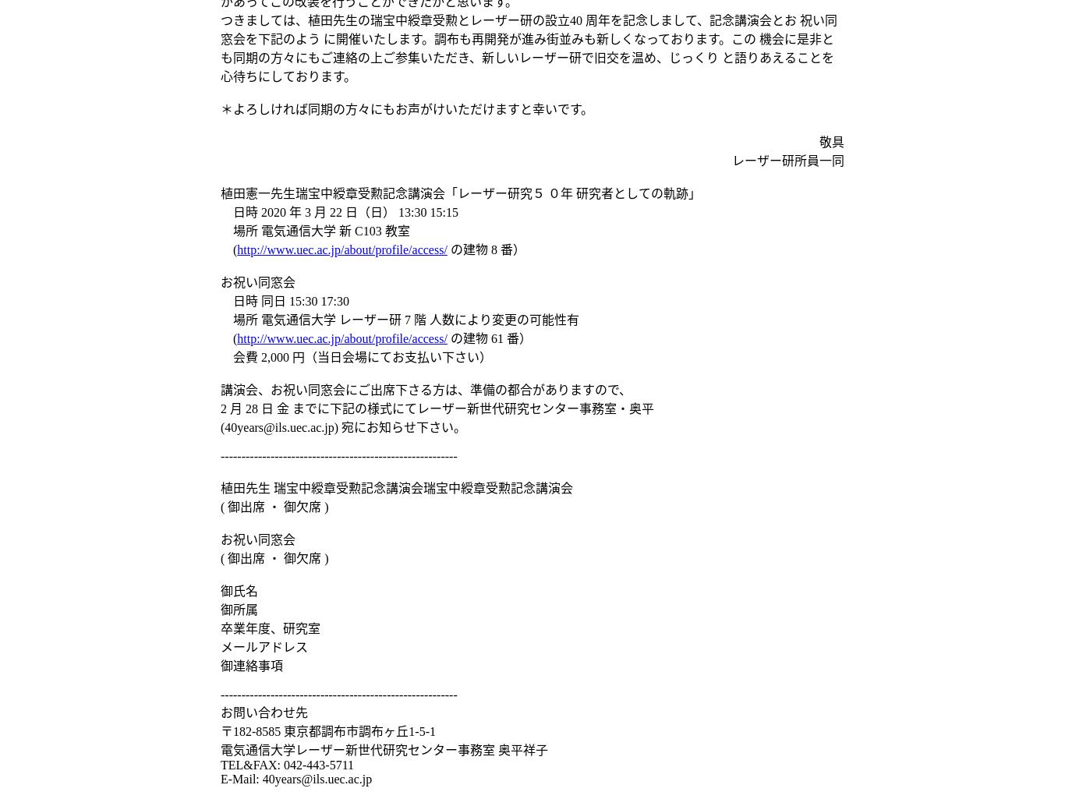 The image size is (1065, 799). What do you see at coordinates (342, 426) in the screenshot?
I see `'(40years@ils.uec.ac.jp)
宛にお知らせ下さい。'` at bounding box center [342, 426].